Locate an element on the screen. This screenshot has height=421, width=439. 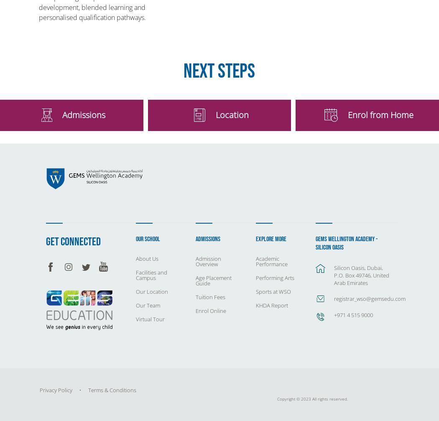
'Enrol from Home' is located at coordinates (380, 114).